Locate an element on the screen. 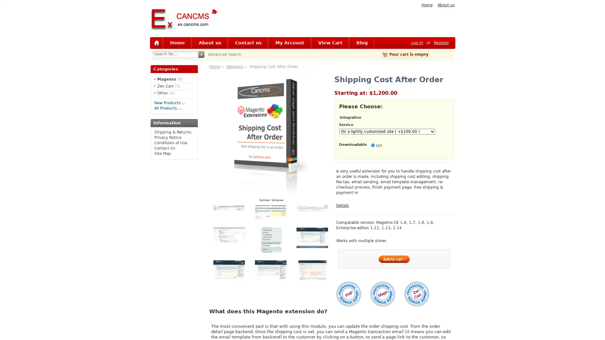  Add to Cart is located at coordinates (394, 259).